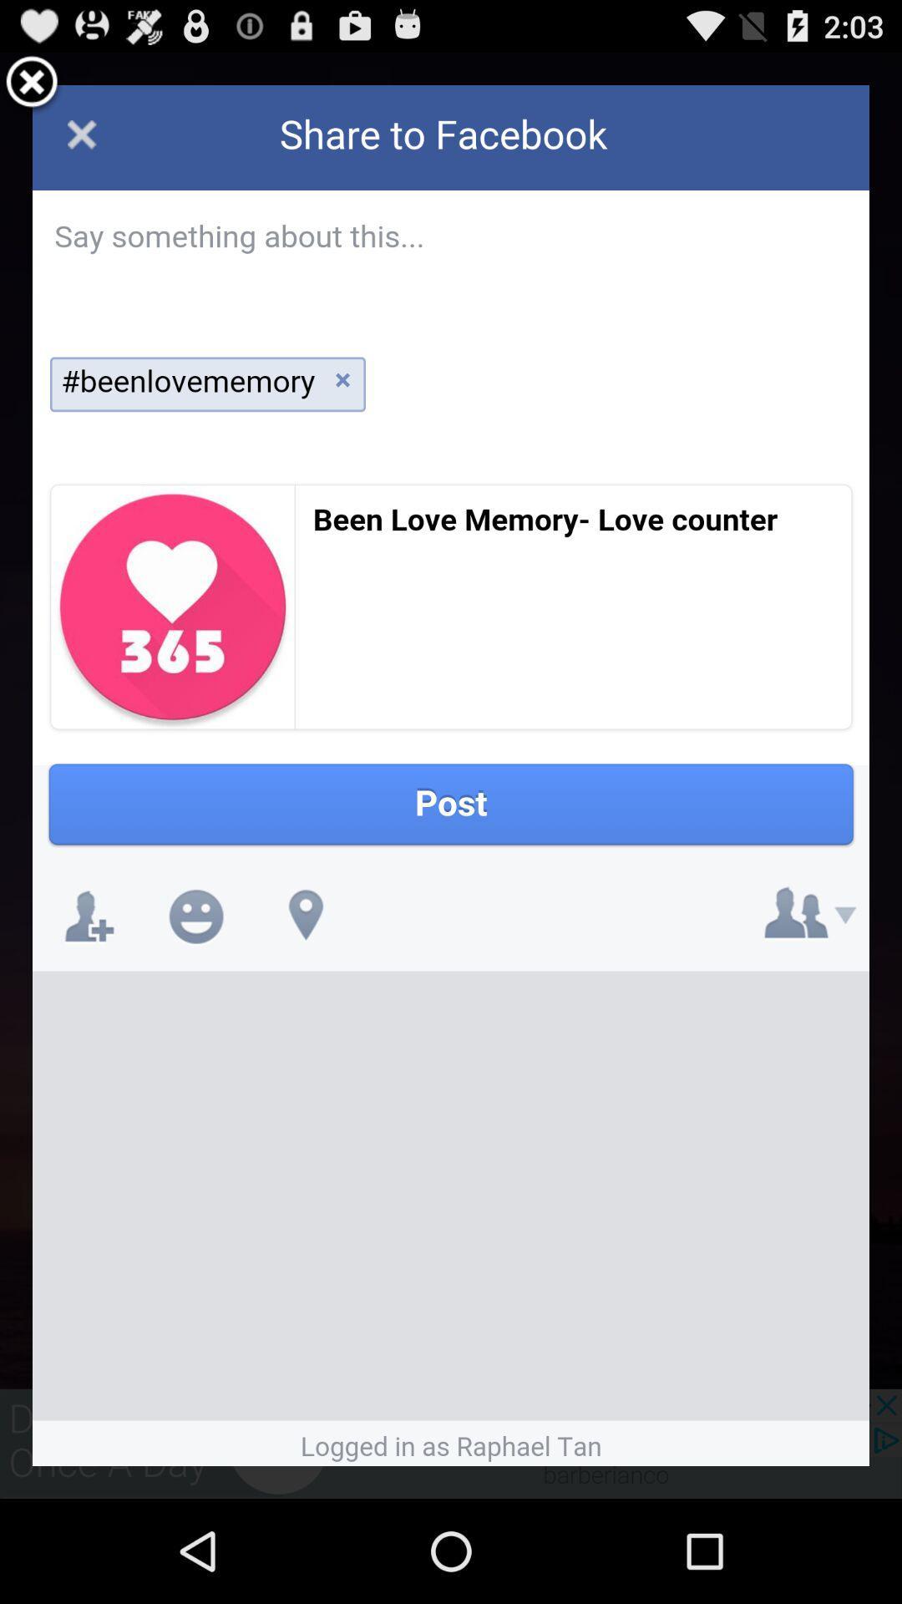  Describe the element at coordinates (32, 84) in the screenshot. I see `screen` at that location.